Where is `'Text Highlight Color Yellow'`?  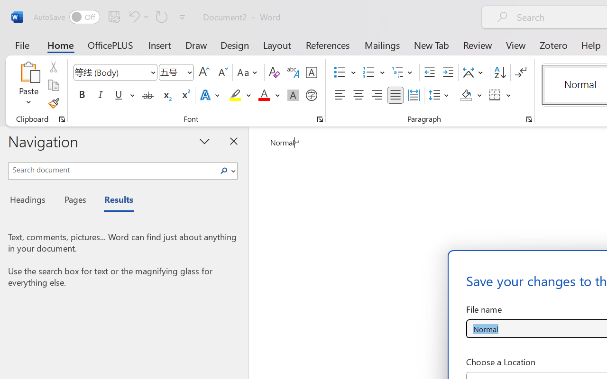 'Text Highlight Color Yellow' is located at coordinates (235, 95).